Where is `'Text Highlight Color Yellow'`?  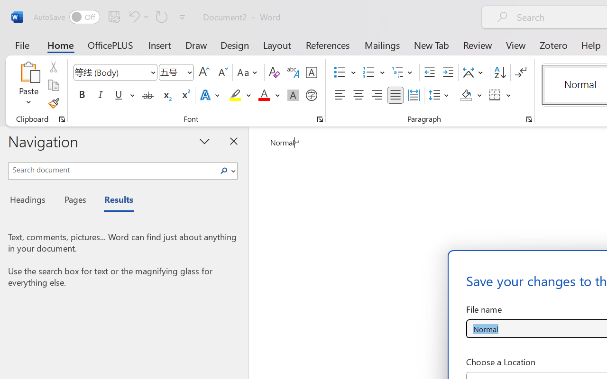 'Text Highlight Color Yellow' is located at coordinates (235, 95).